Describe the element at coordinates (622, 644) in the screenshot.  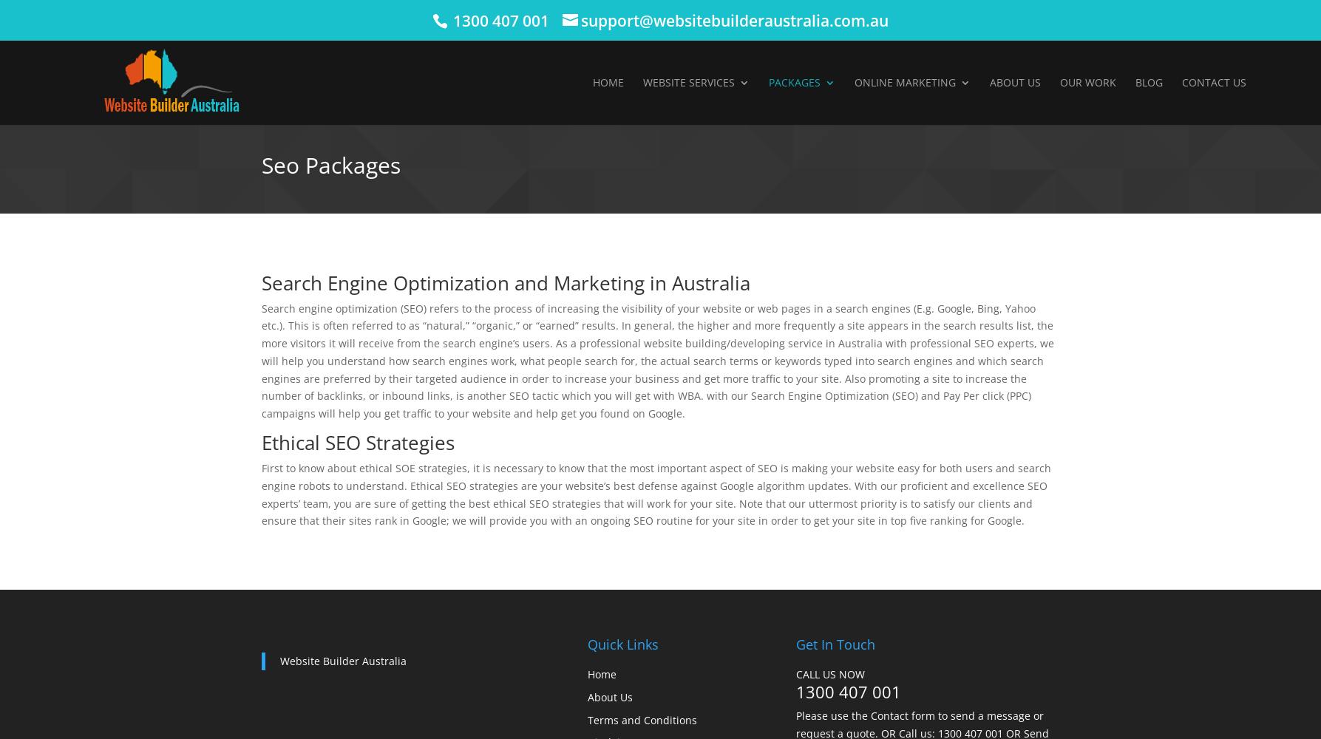
I see `'Quick Links'` at that location.